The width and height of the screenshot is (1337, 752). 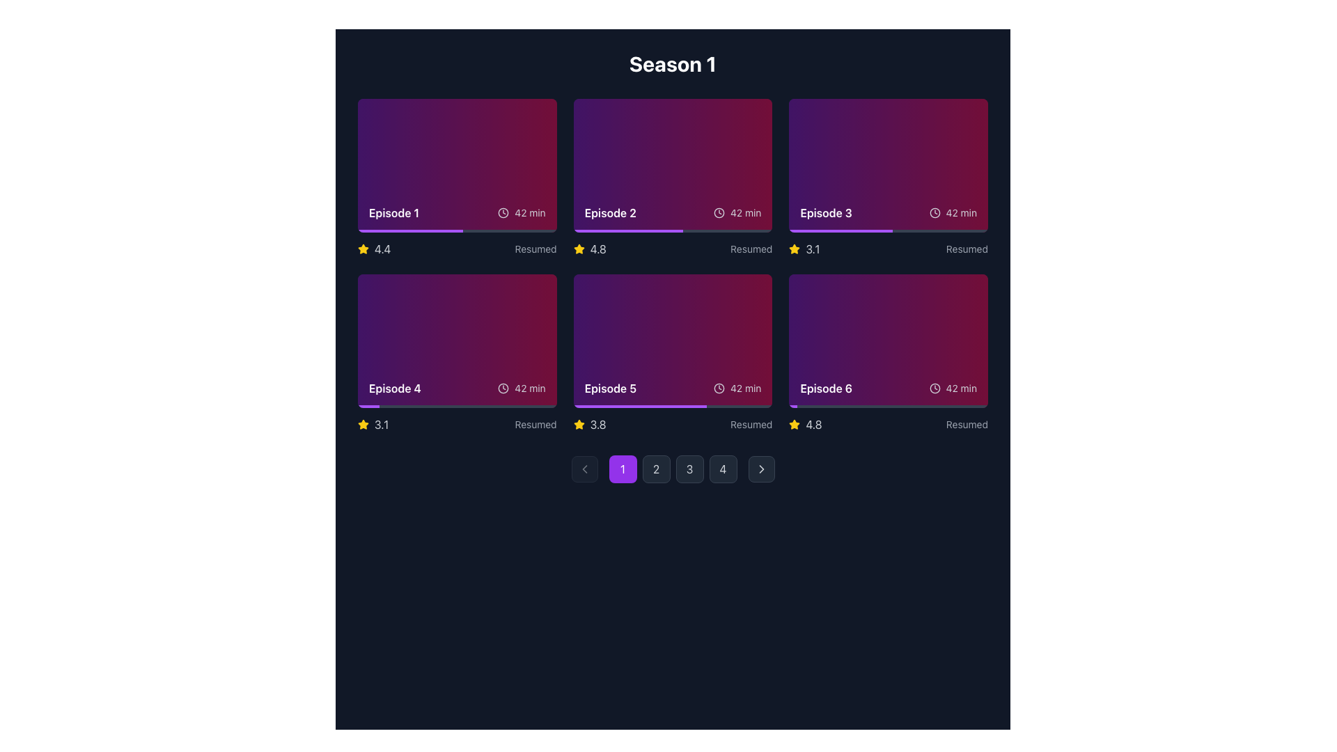 What do you see at coordinates (719, 389) in the screenshot?
I see `the central circular component of the clock icon located in the upper-right corner of the episode 5 card in the middle row and second column of the season's episode listing` at bounding box center [719, 389].